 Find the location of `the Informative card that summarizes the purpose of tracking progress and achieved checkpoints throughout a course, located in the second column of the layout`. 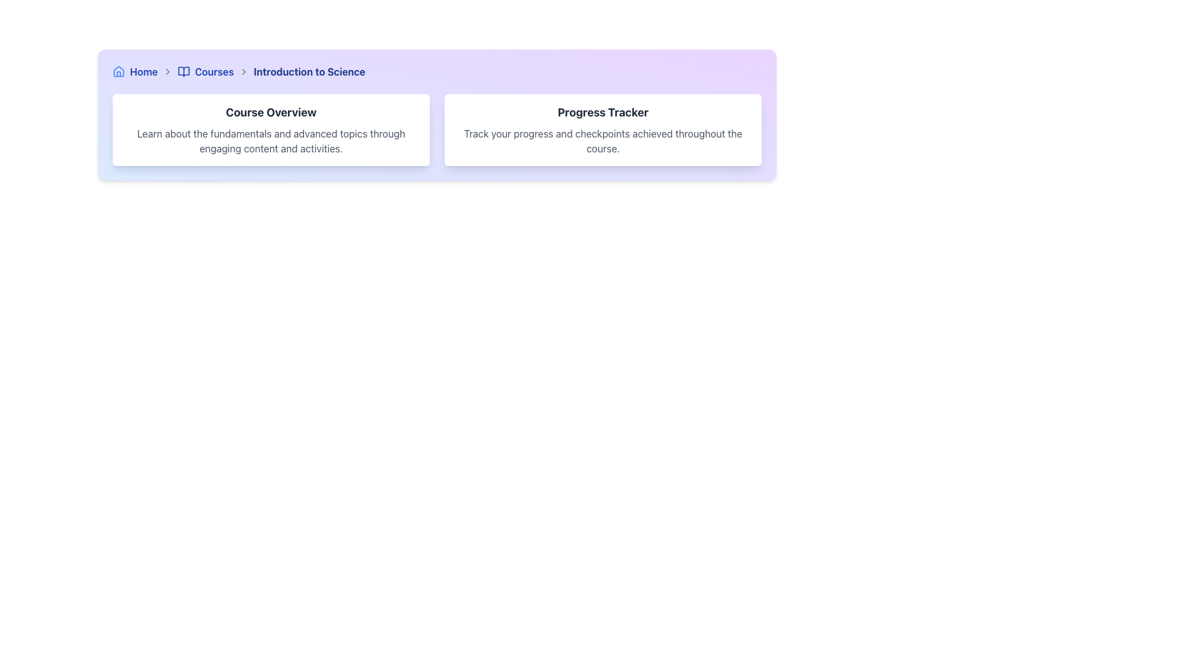

the Informative card that summarizes the purpose of tracking progress and achieved checkpoints throughout a course, located in the second column of the layout is located at coordinates (603, 129).